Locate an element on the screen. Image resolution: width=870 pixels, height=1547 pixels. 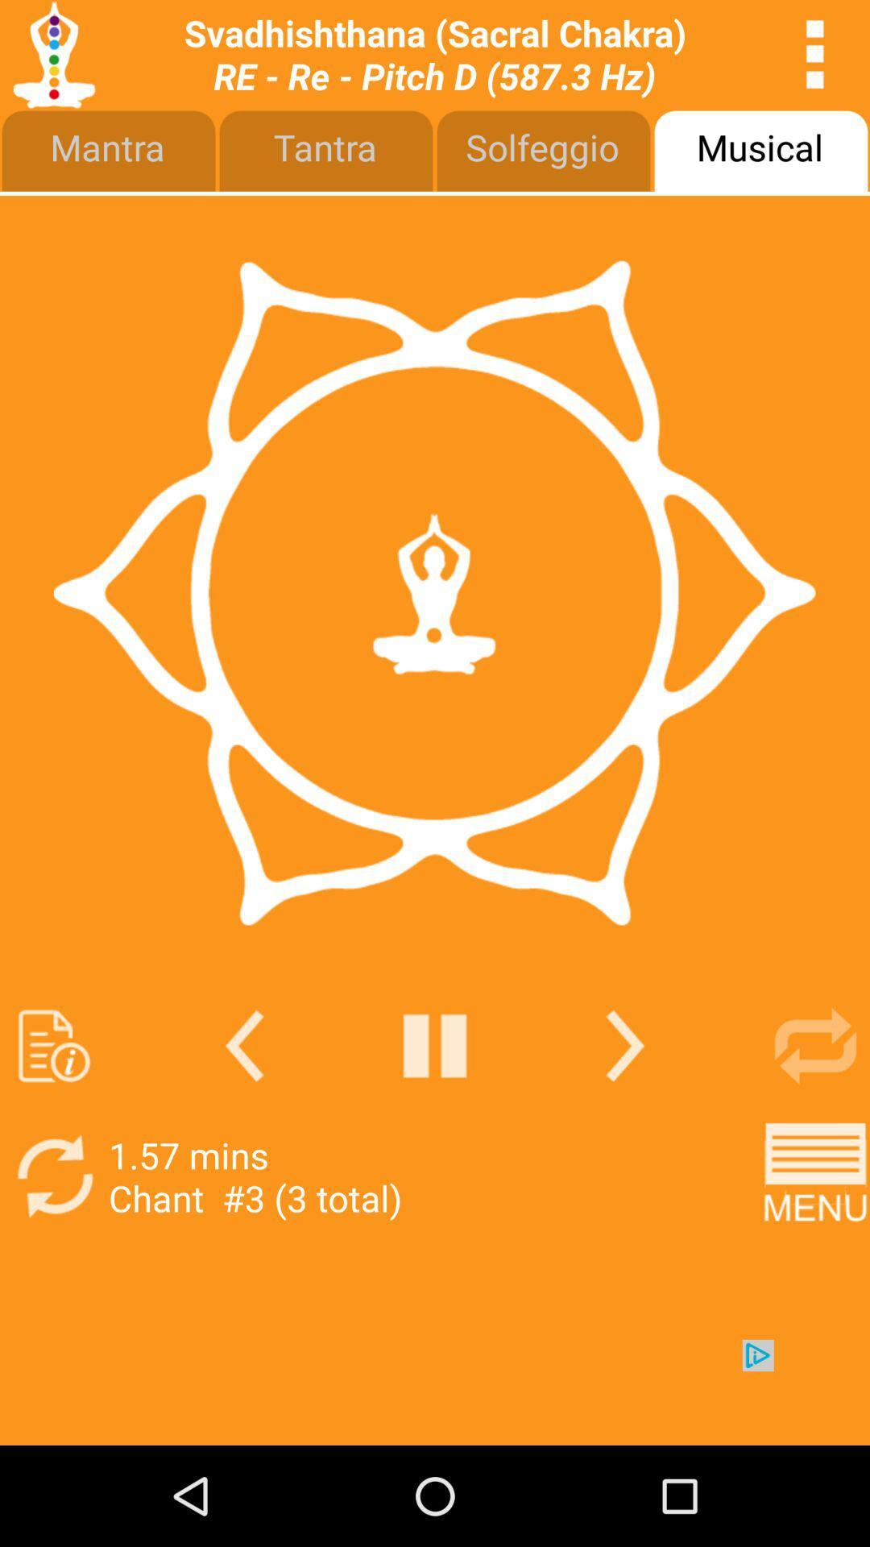
repeat is located at coordinates (815, 1046).